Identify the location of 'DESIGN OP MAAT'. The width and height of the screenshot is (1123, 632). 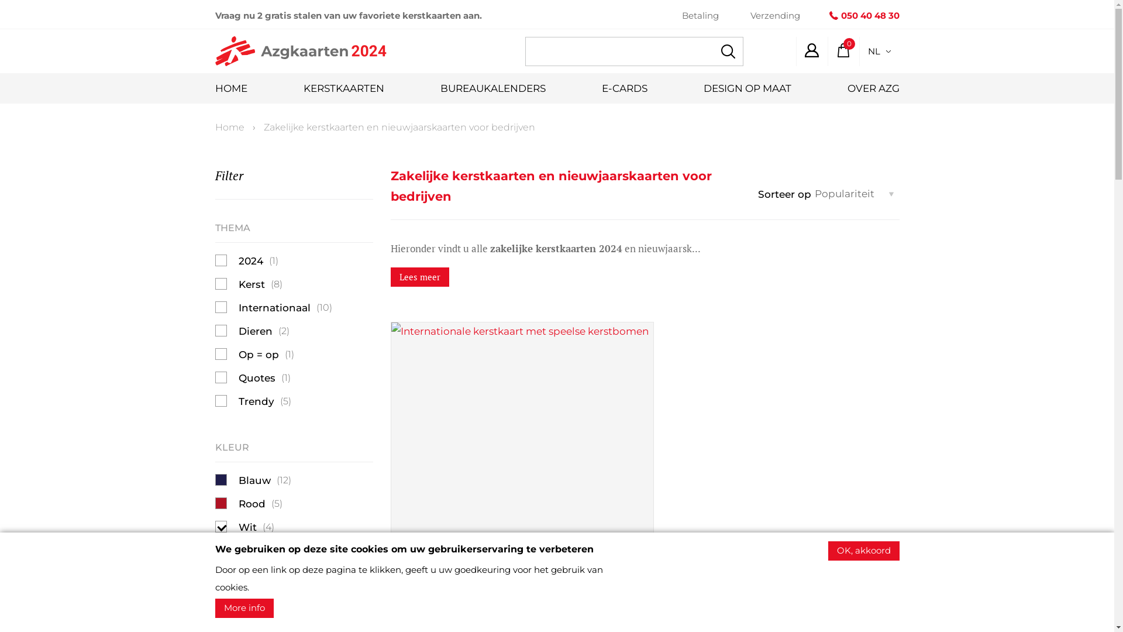
(746, 87).